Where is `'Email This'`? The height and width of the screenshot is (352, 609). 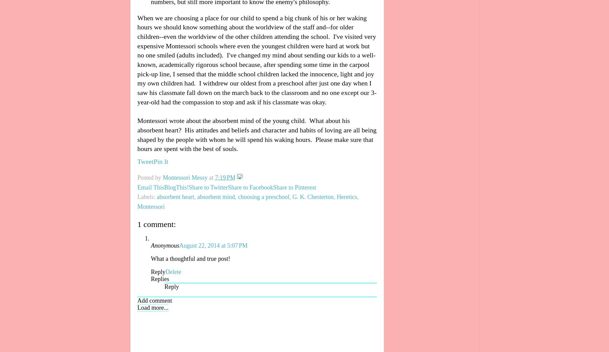
'Email This' is located at coordinates (151, 187).